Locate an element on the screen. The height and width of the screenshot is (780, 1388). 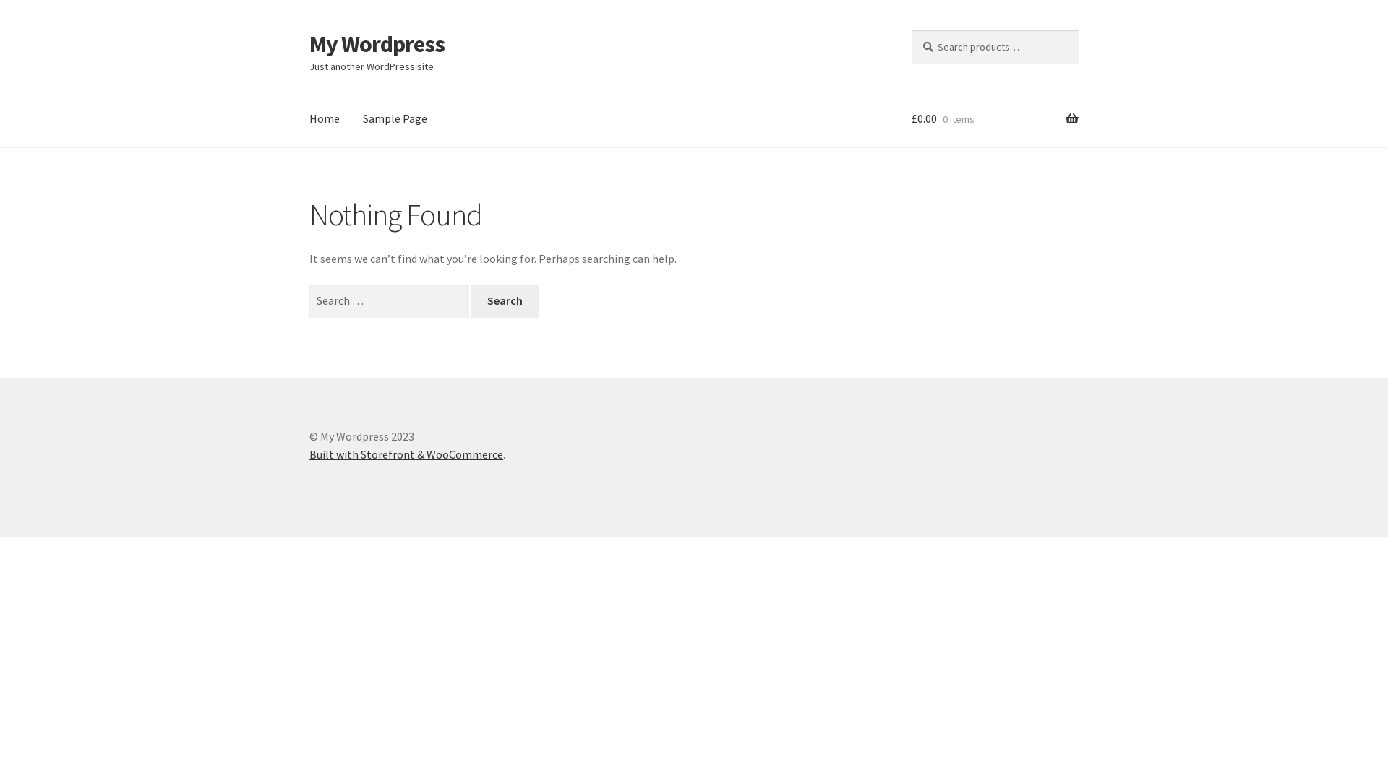
'Search' is located at coordinates (505, 300).